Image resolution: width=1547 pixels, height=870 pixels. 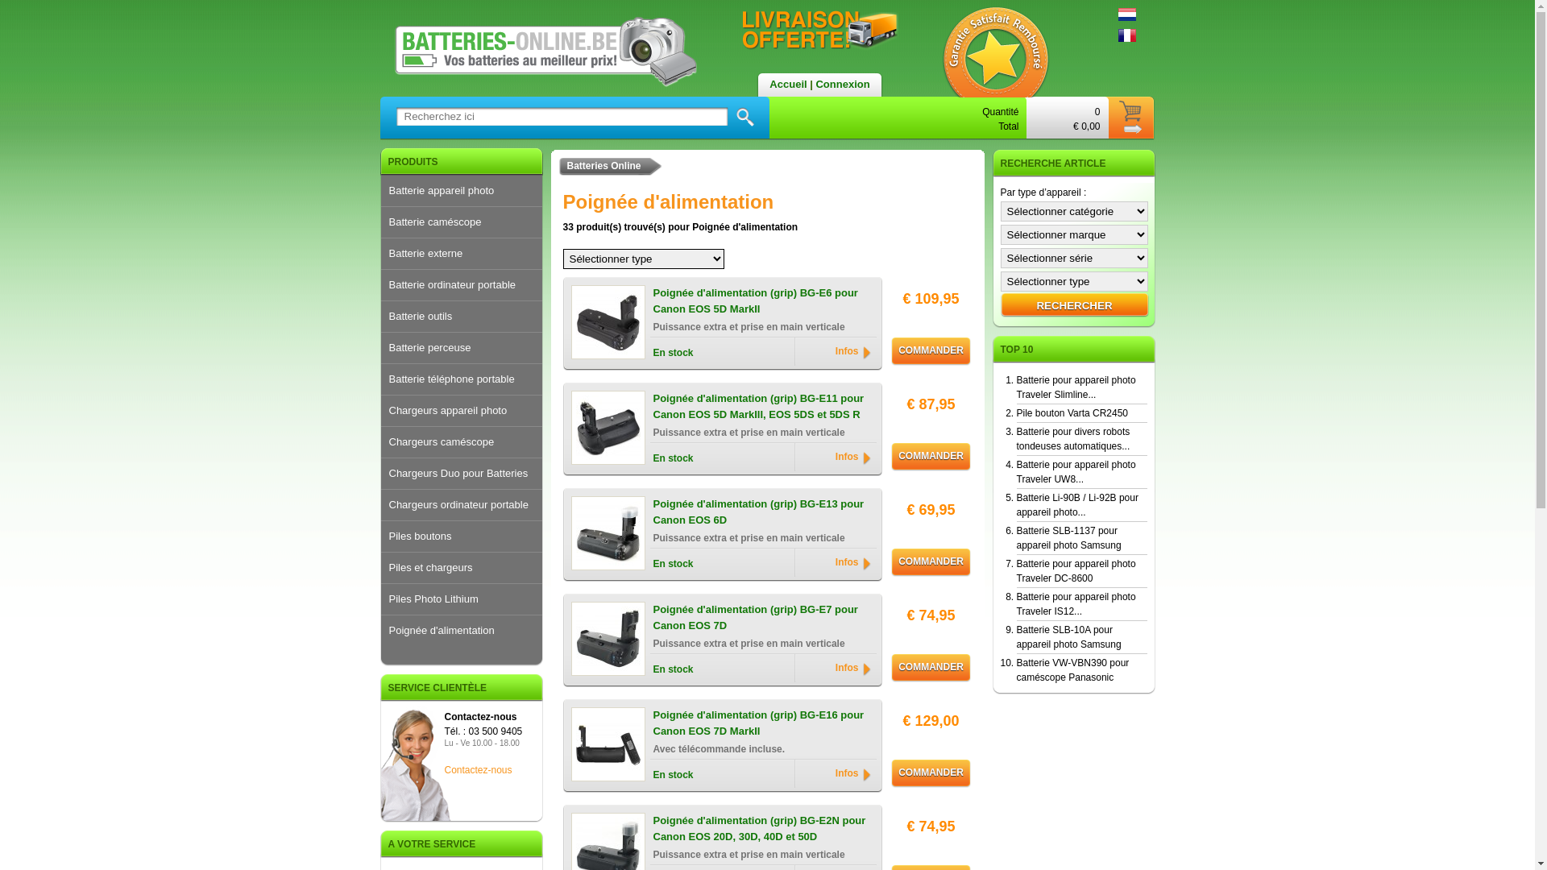 I want to click on 'Rechercher', so click(x=1075, y=304).